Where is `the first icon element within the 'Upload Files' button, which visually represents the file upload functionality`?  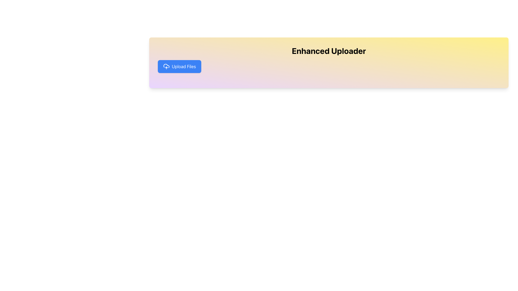
the first icon element within the 'Upload Files' button, which visually represents the file upload functionality is located at coordinates (166, 66).